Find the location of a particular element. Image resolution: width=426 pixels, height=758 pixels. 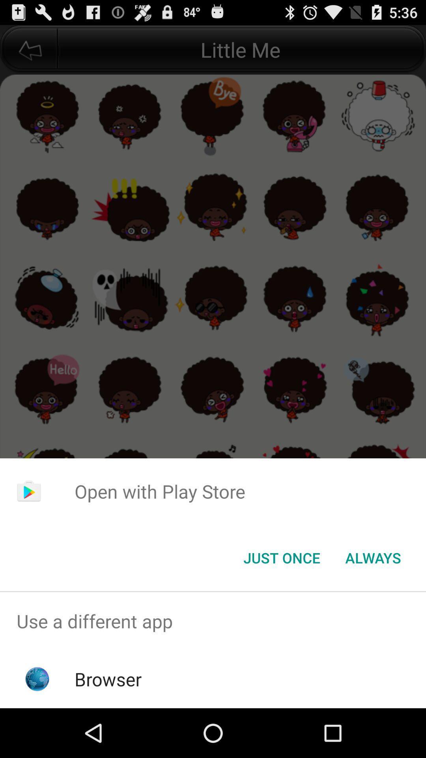

use a different item is located at coordinates (213, 621).